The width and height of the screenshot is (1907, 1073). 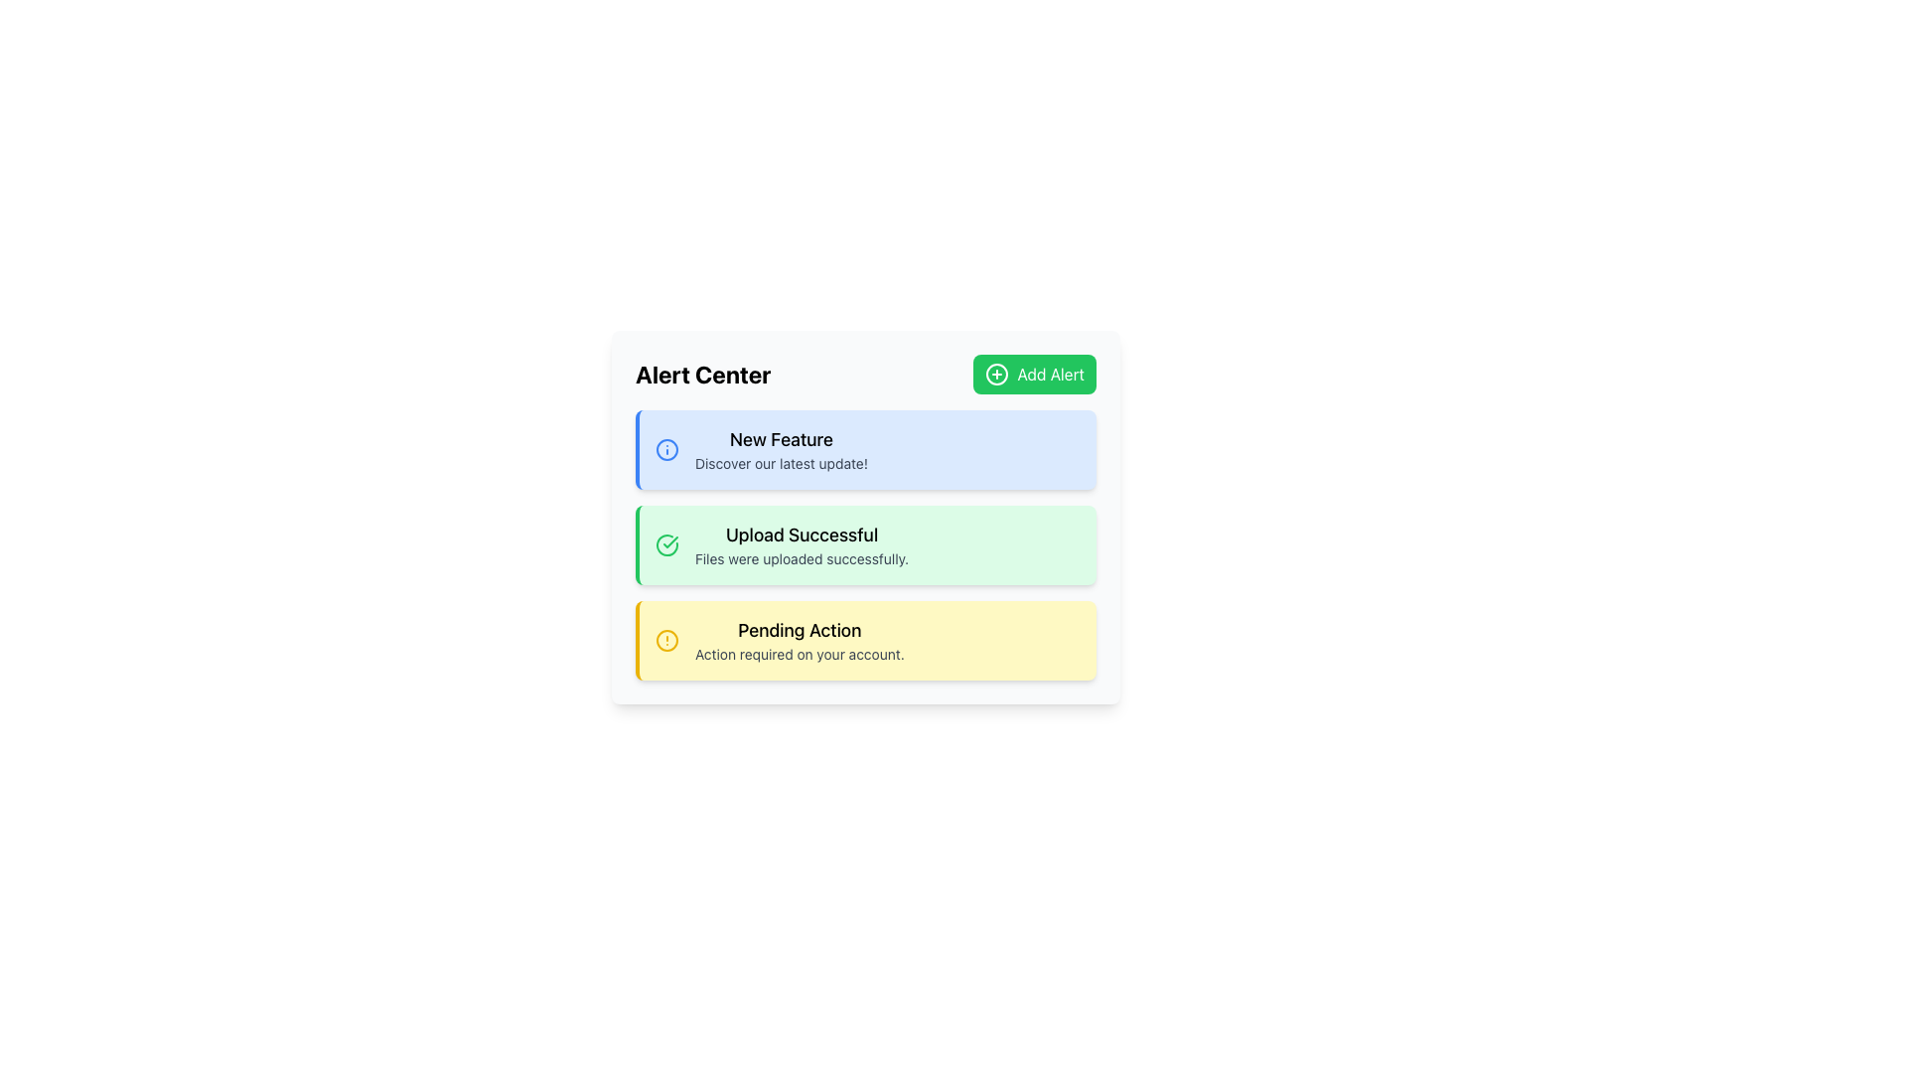 What do you see at coordinates (866, 449) in the screenshot?
I see `the first Notification Card in the 'Alert Center' section, which provides information about newly introduced features` at bounding box center [866, 449].